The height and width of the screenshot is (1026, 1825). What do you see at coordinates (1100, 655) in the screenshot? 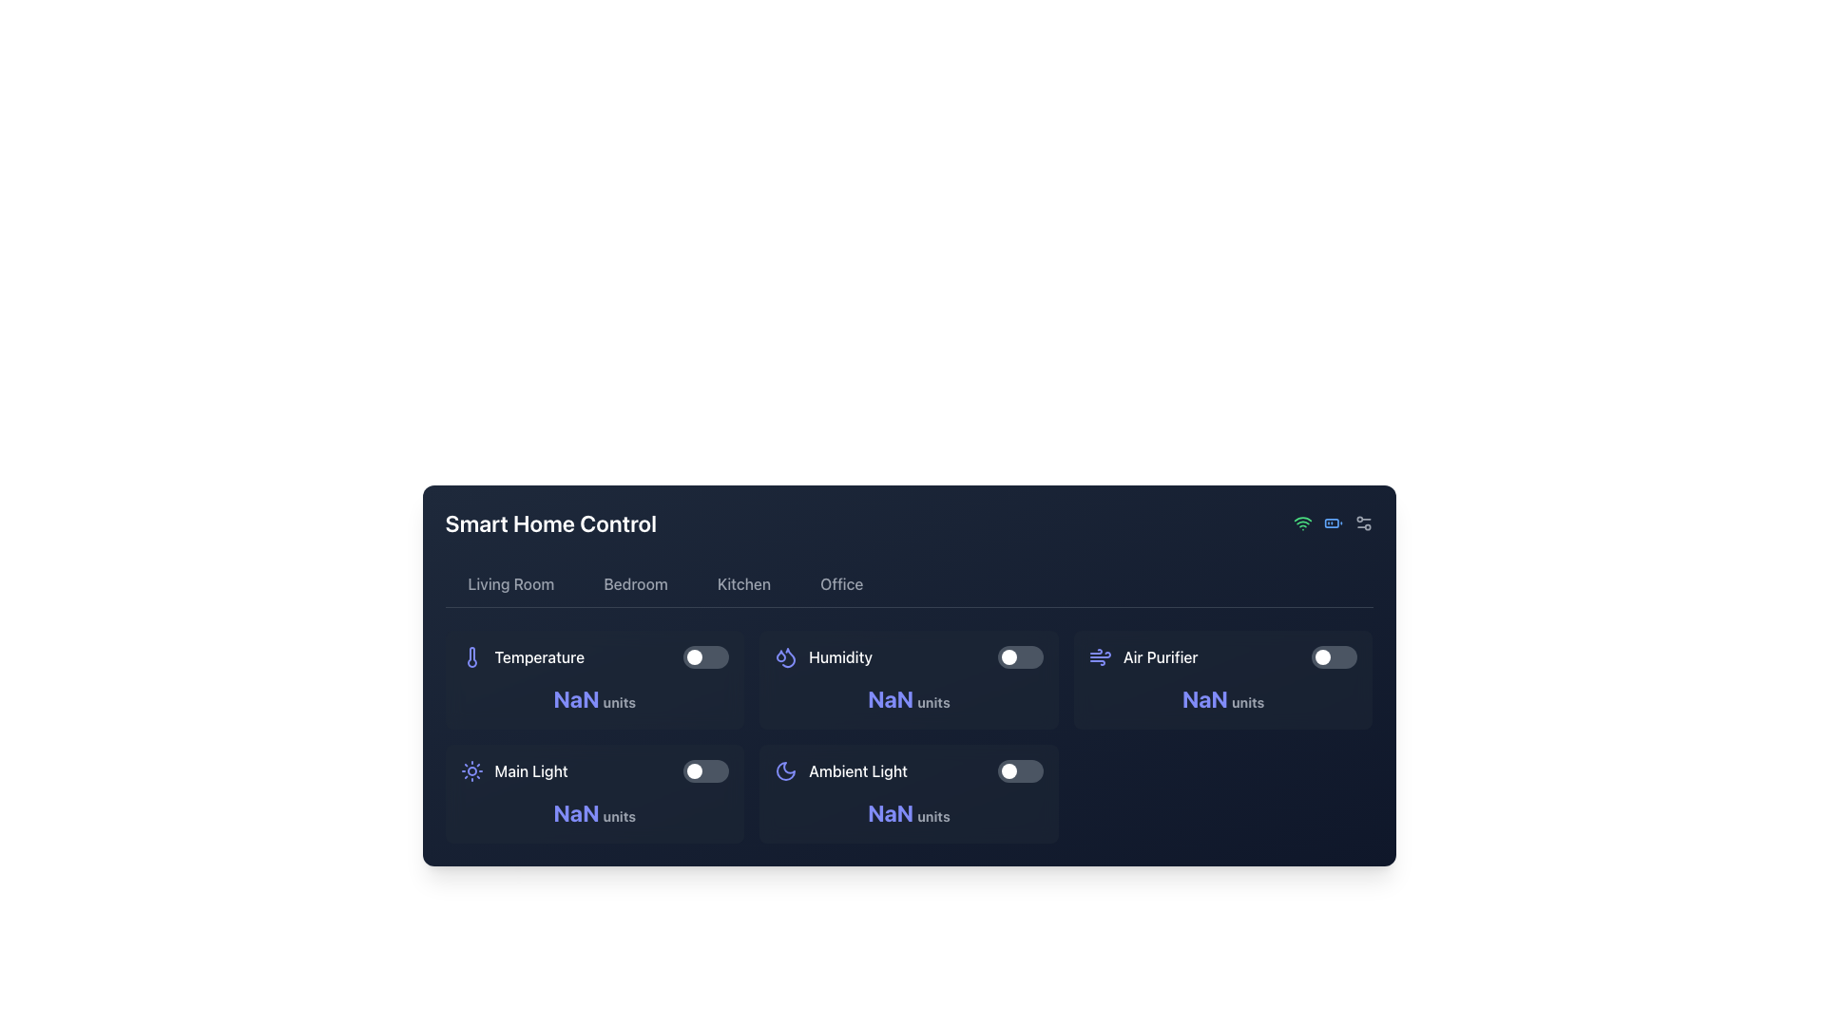
I see `the wind icon styled in light indigo located next to the 'Air Purifier' text in the 'Air Purifier' section of the card under 'Smart Home Control'` at bounding box center [1100, 655].